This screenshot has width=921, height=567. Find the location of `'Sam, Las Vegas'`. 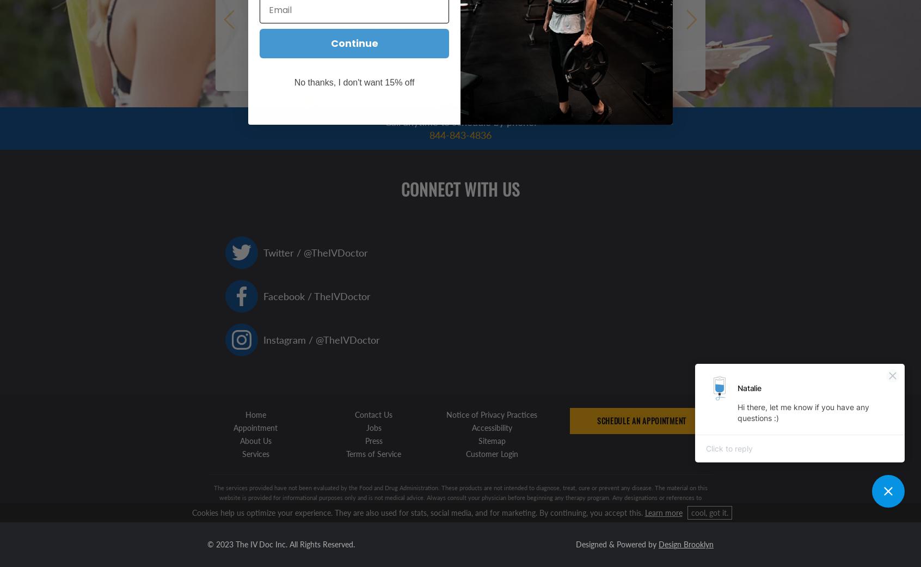

'Sam, Las Vegas' is located at coordinates (527, 25).